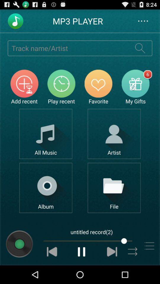  I want to click on open from files, so click(114, 188).